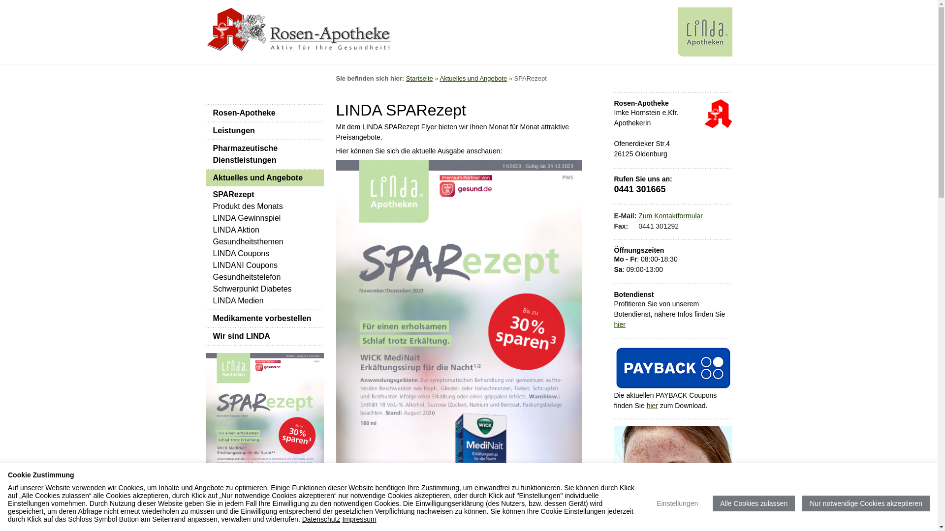  I want to click on 'Payback', so click(673, 367).